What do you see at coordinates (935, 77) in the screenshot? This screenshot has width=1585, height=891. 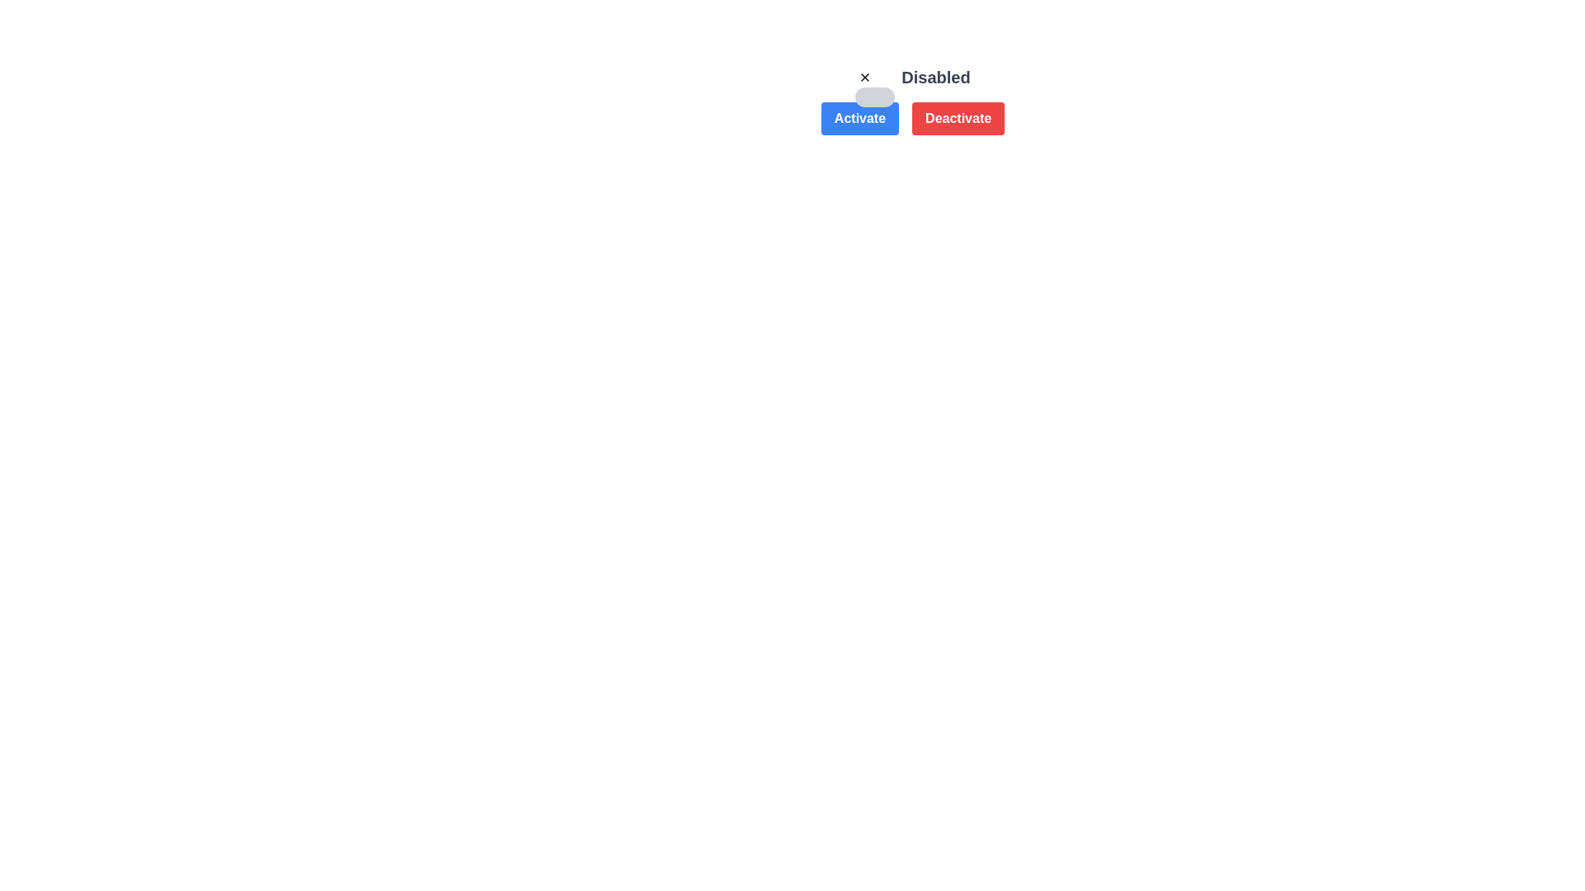 I see `the text label reading 'Disabled', which is styled in a bold, large font size and is located near the upper-right area of the interface, adjacent to a toggle switch` at bounding box center [935, 77].